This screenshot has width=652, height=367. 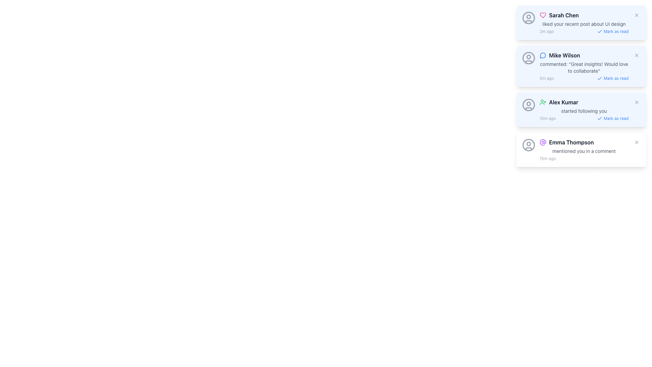 What do you see at coordinates (636, 142) in the screenshot?
I see `the circular gray 'X' button located at the top-right corner of the 'Emma Thompson mentioned you in a comment' notification card` at bounding box center [636, 142].